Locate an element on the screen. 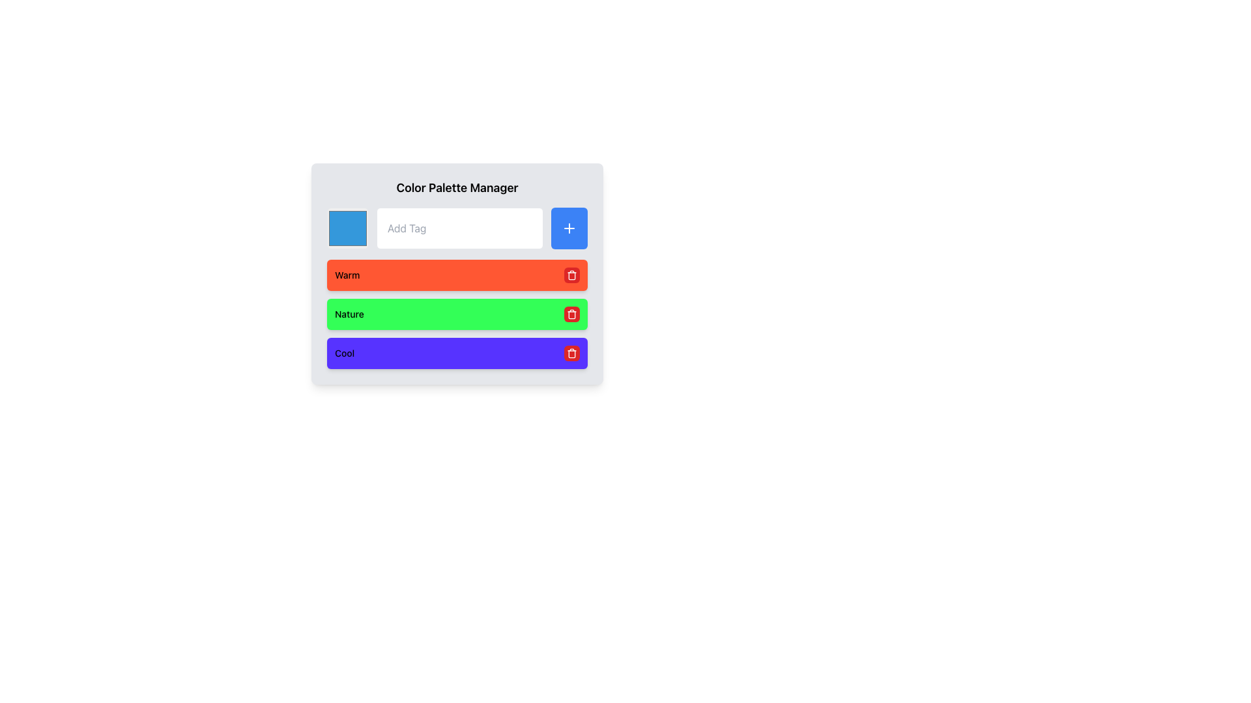 This screenshot has height=703, width=1251. the text label 'Nature', which is displayed in a medium-sized font within a green rectangular background, located in the second card of a vertically stacked list of colored cards is located at coordinates (349, 314).